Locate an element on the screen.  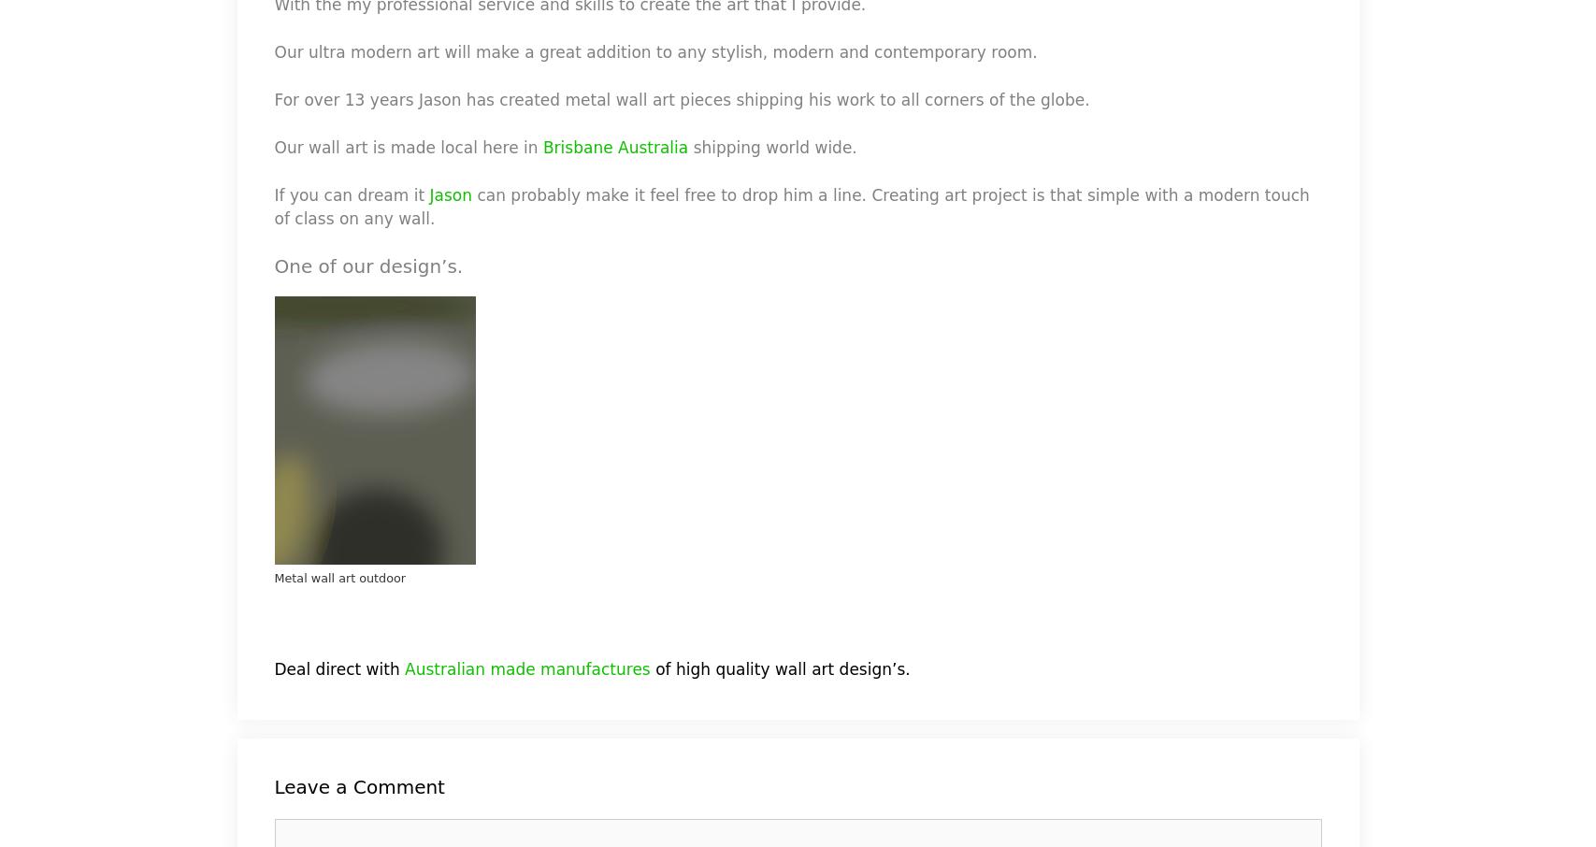
'can probably make it feel free to drop him a line. Creating art project is that simple with a modern touch of class on any wall.' is located at coordinates (791, 205).